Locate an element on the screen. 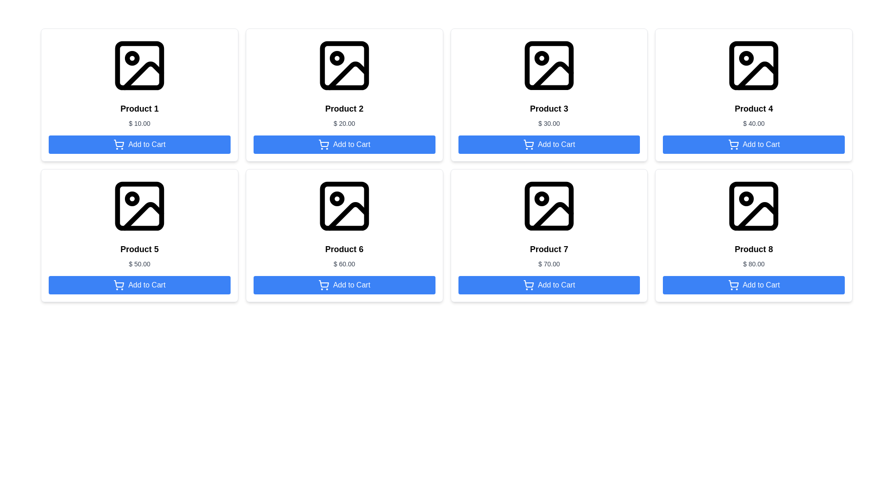 The width and height of the screenshot is (882, 496). the small circular non-interactive graphical component located in the upper-left corner of the landscape icon in the second product card of the grid layout is located at coordinates (336, 58).